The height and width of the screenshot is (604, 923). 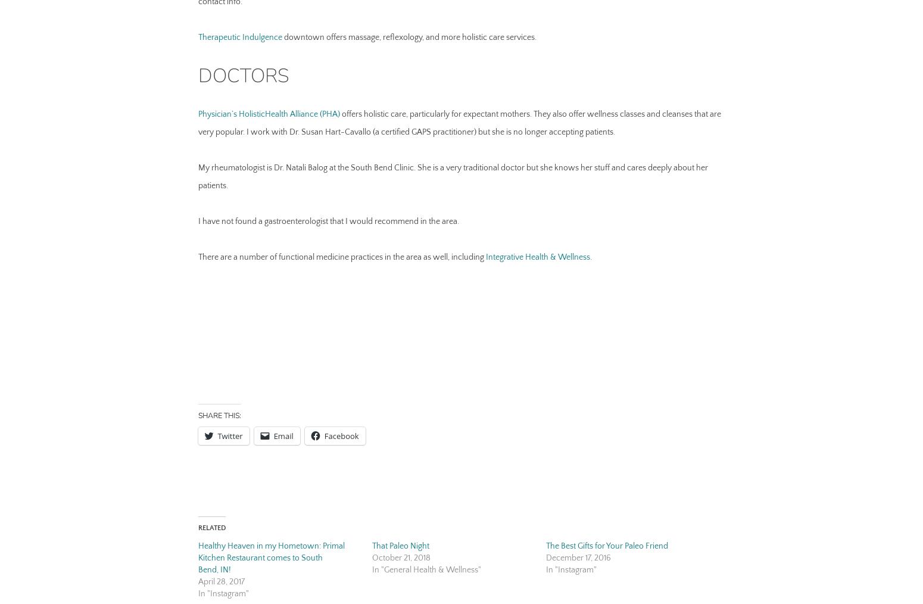 I want to click on 'downtown offers massage, reflexology, and more holistic care services.', so click(x=408, y=36).